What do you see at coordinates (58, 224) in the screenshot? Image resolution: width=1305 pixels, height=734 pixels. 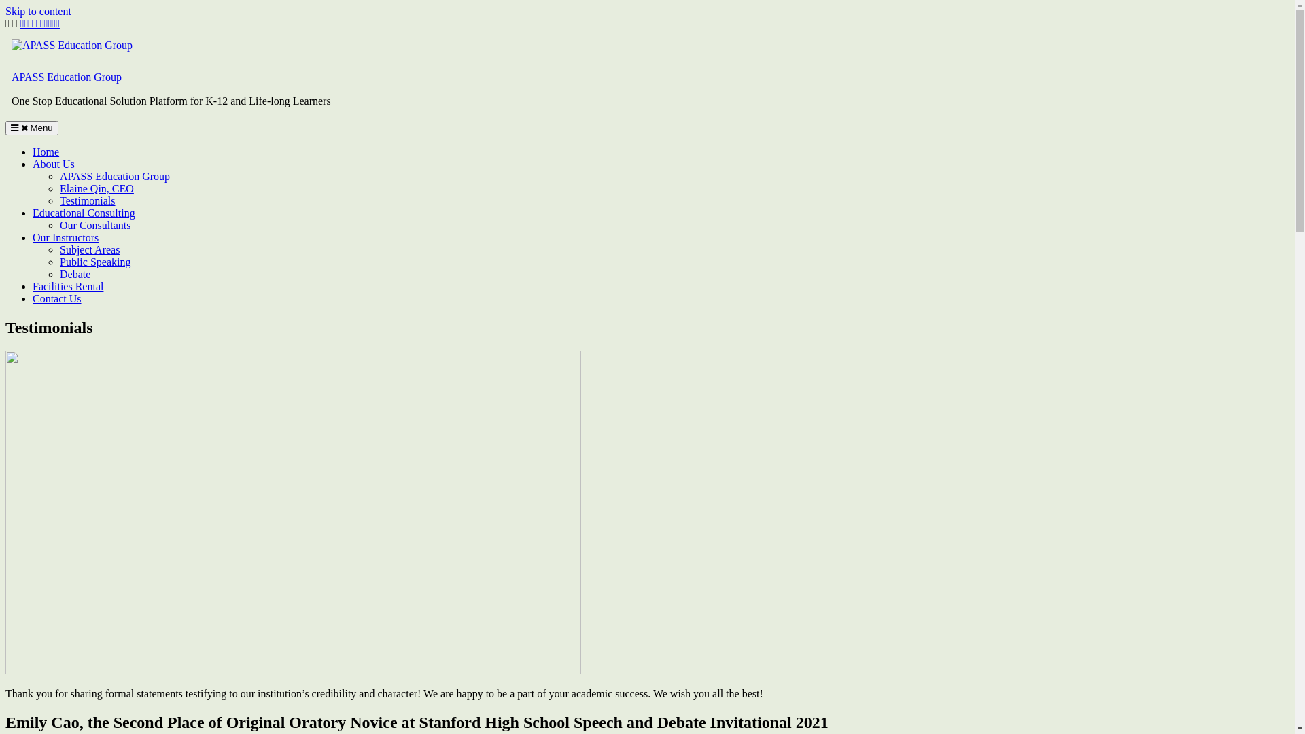 I see `'Our Consultants'` at bounding box center [58, 224].